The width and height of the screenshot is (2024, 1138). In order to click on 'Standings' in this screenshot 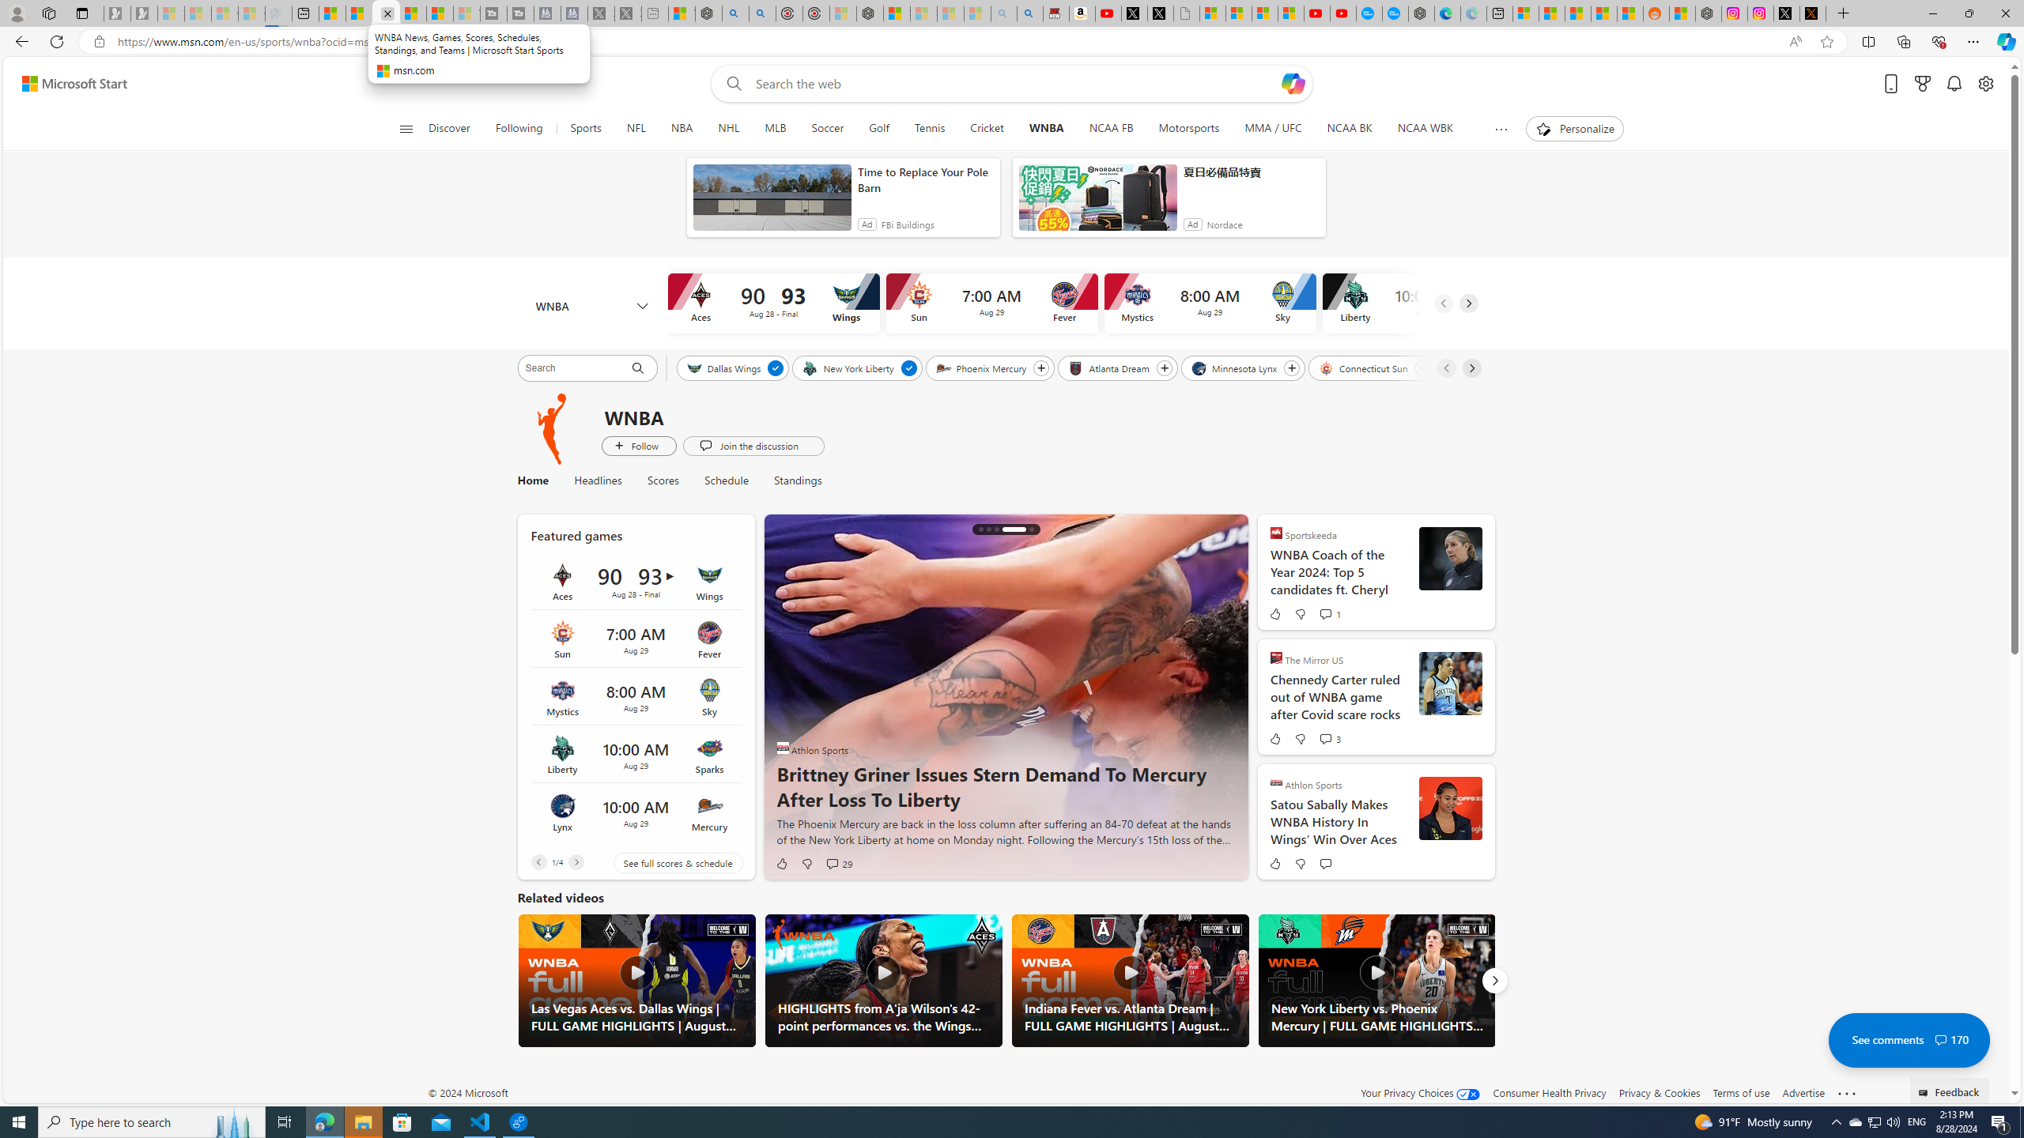, I will do `click(796, 480)`.